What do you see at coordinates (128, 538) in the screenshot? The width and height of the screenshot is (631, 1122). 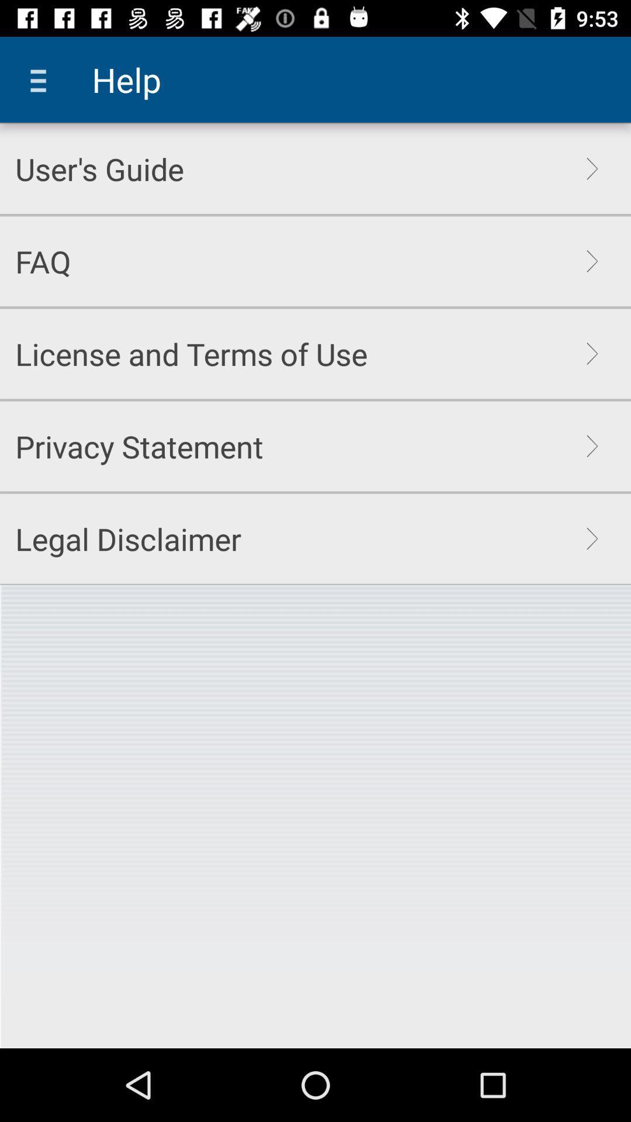 I see `the item below the privacy statement item` at bounding box center [128, 538].